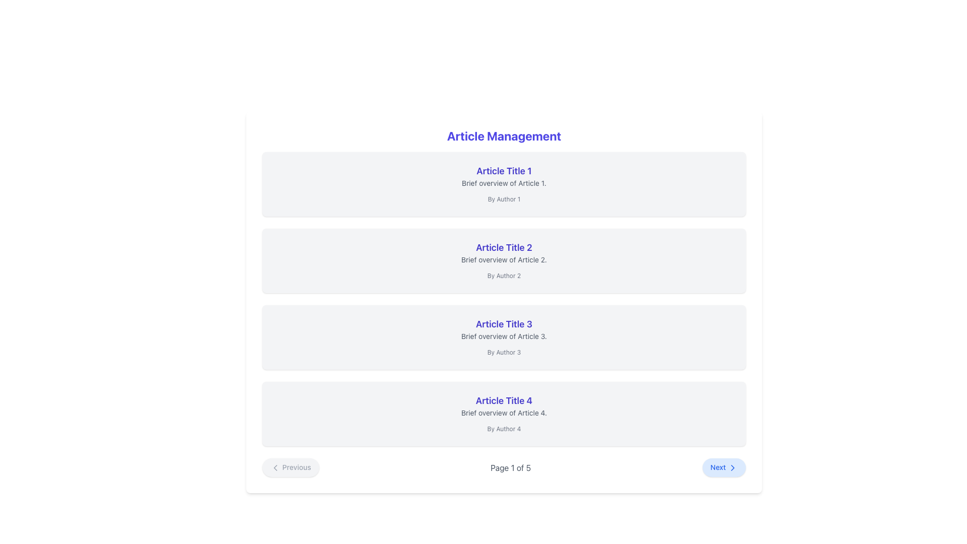 This screenshot has width=967, height=544. I want to click on the Right-arrow icon adjacent to the 'Next' button, so click(732, 468).